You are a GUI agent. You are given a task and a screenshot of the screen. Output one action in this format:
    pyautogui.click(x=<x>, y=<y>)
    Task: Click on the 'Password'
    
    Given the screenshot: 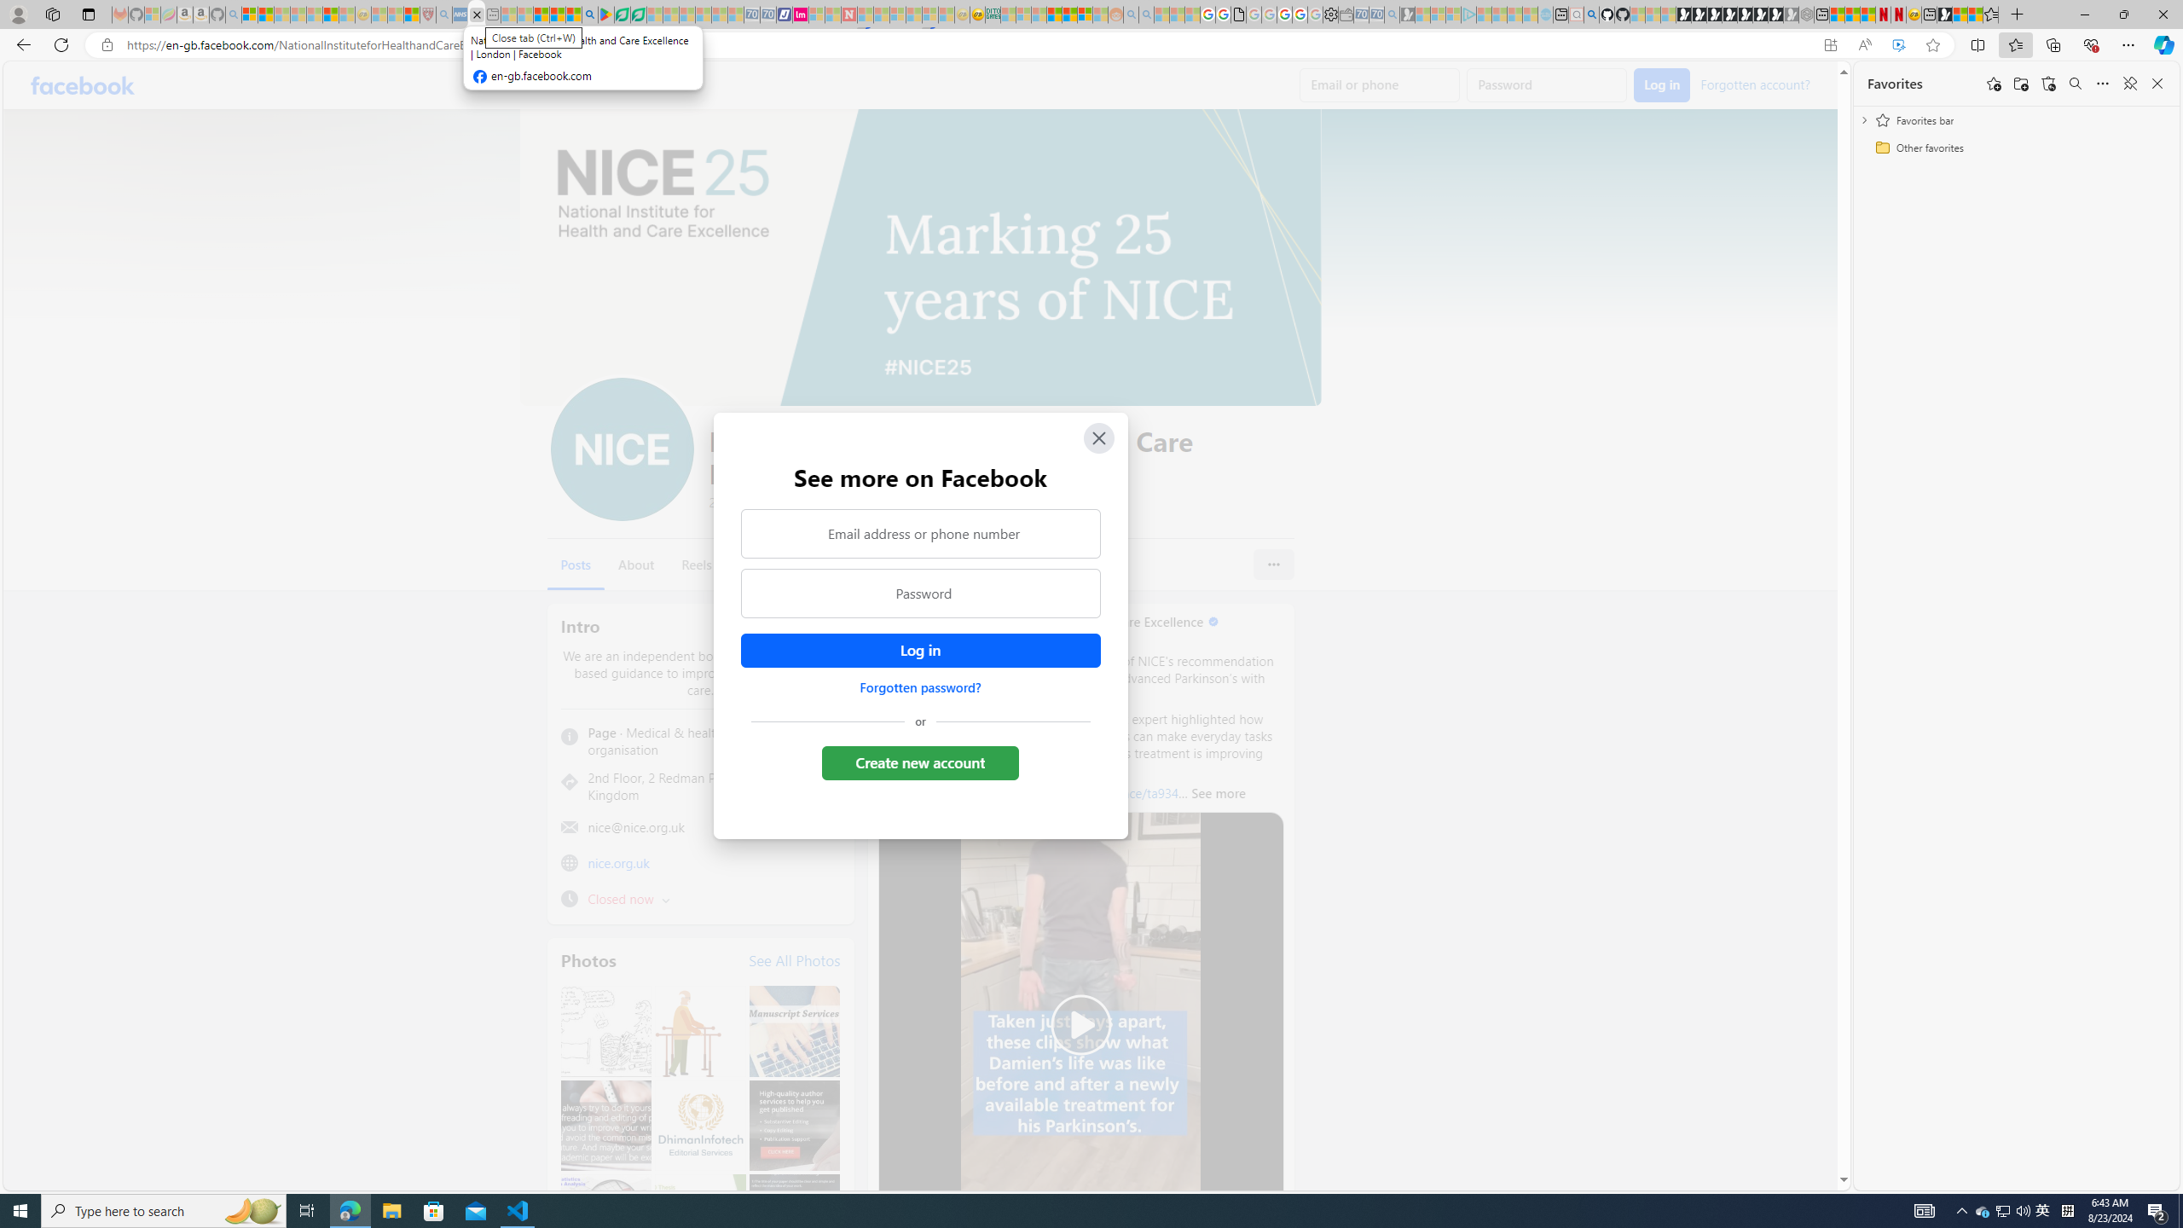 What is the action you would take?
    pyautogui.click(x=920, y=594)
    